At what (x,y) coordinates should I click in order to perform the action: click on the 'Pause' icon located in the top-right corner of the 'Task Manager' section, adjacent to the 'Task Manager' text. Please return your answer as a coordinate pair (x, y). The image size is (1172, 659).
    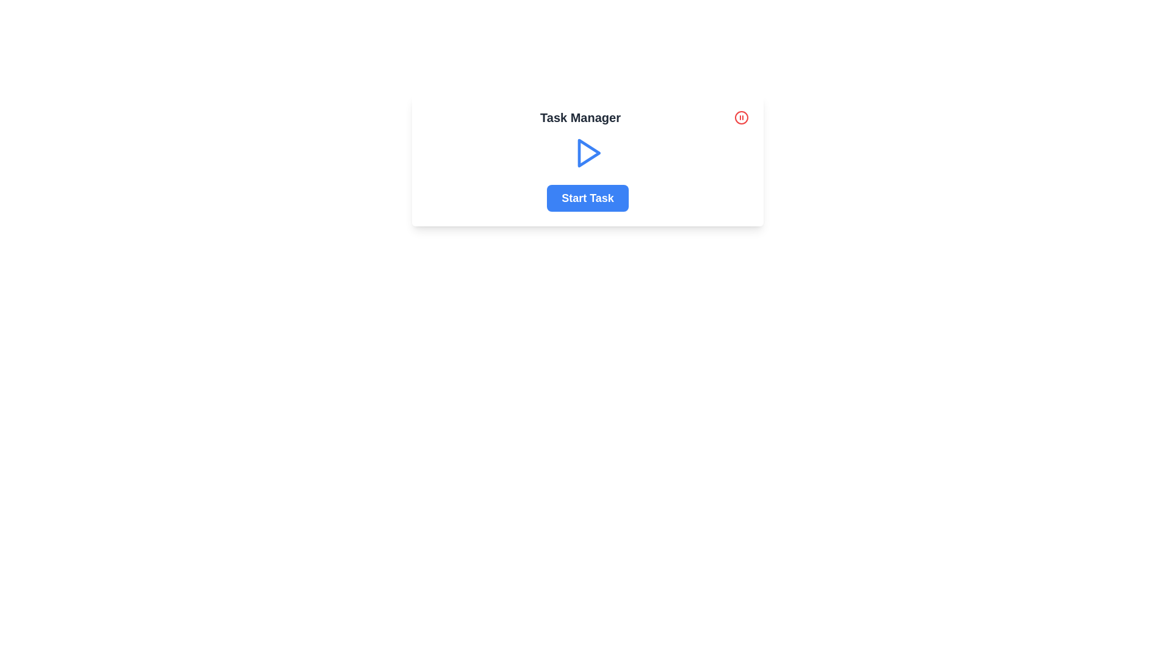
    Looking at the image, I should click on (740, 117).